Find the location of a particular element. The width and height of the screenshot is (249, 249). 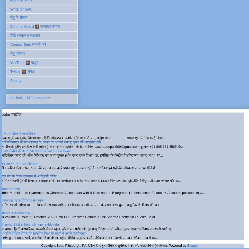

'Twitter 🌉 ट्विटर' is located at coordinates (23, 71).